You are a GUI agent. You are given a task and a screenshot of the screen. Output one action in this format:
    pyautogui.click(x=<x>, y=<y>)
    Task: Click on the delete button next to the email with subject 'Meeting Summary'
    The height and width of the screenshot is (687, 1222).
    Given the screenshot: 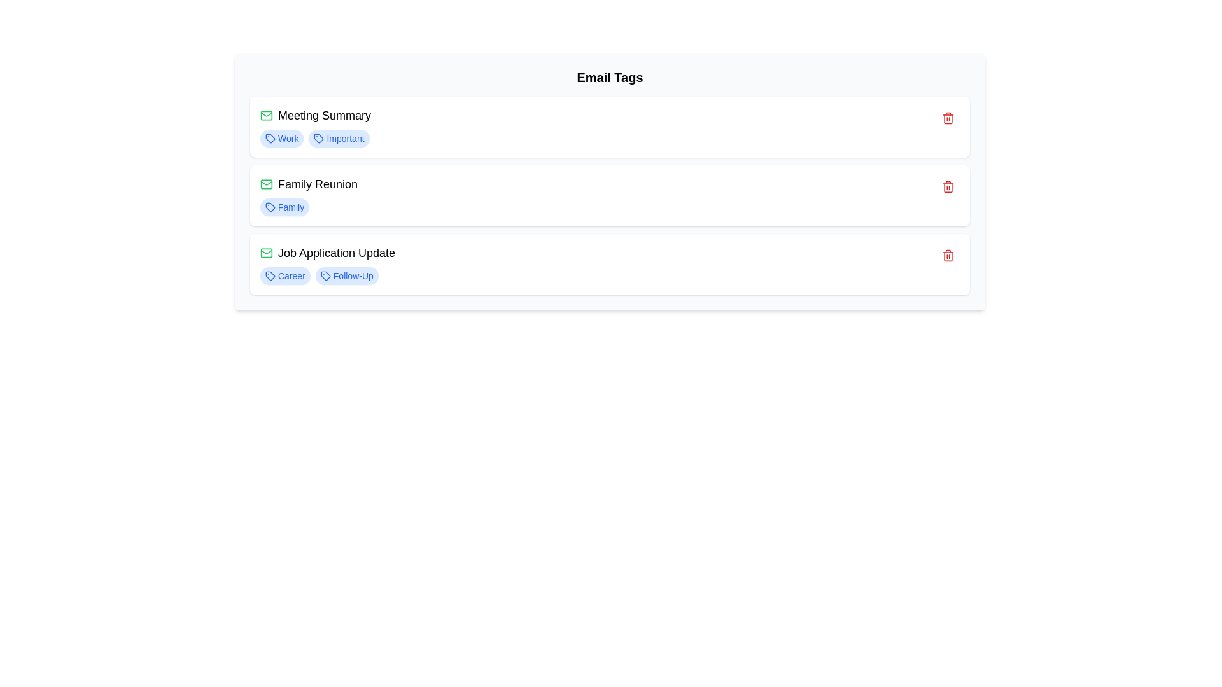 What is the action you would take?
    pyautogui.click(x=948, y=118)
    